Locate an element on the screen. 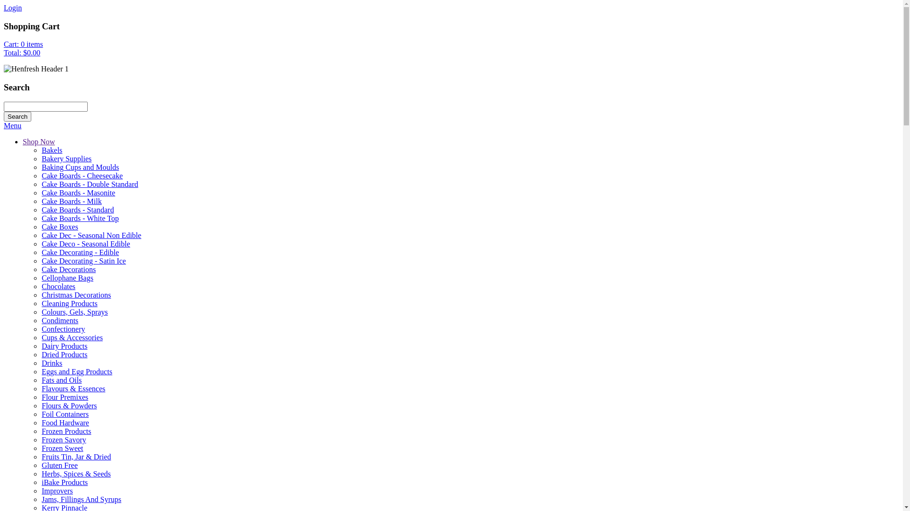 This screenshot has width=910, height=511. 'Cleaning Products' is located at coordinates (69, 303).